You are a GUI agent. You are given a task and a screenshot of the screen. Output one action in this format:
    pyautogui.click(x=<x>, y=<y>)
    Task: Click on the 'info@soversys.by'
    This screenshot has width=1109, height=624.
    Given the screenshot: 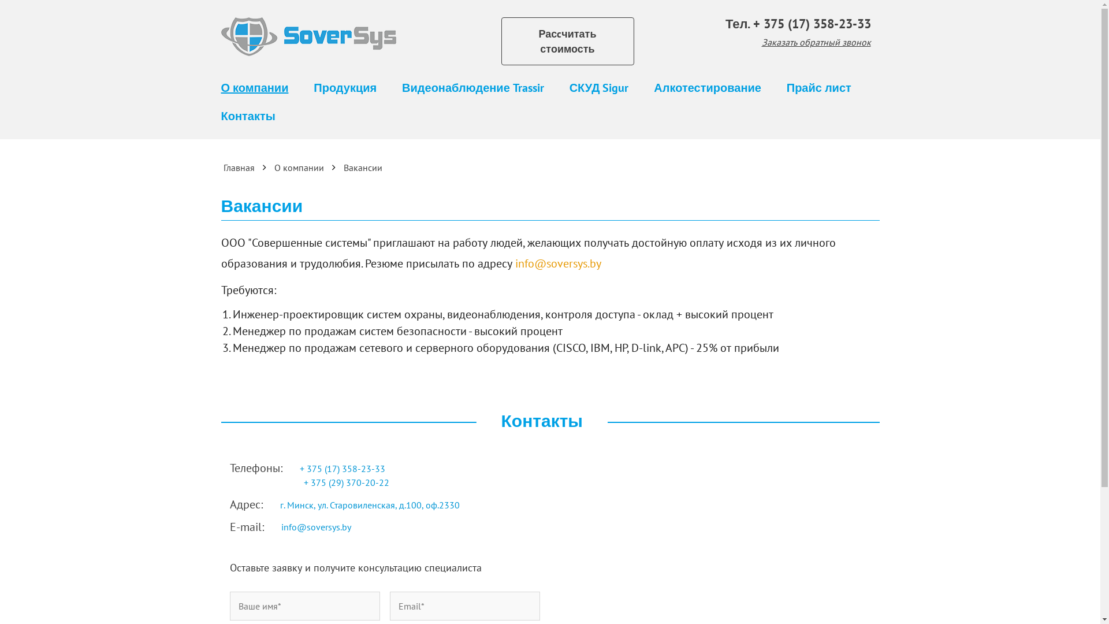 What is the action you would take?
    pyautogui.click(x=558, y=263)
    